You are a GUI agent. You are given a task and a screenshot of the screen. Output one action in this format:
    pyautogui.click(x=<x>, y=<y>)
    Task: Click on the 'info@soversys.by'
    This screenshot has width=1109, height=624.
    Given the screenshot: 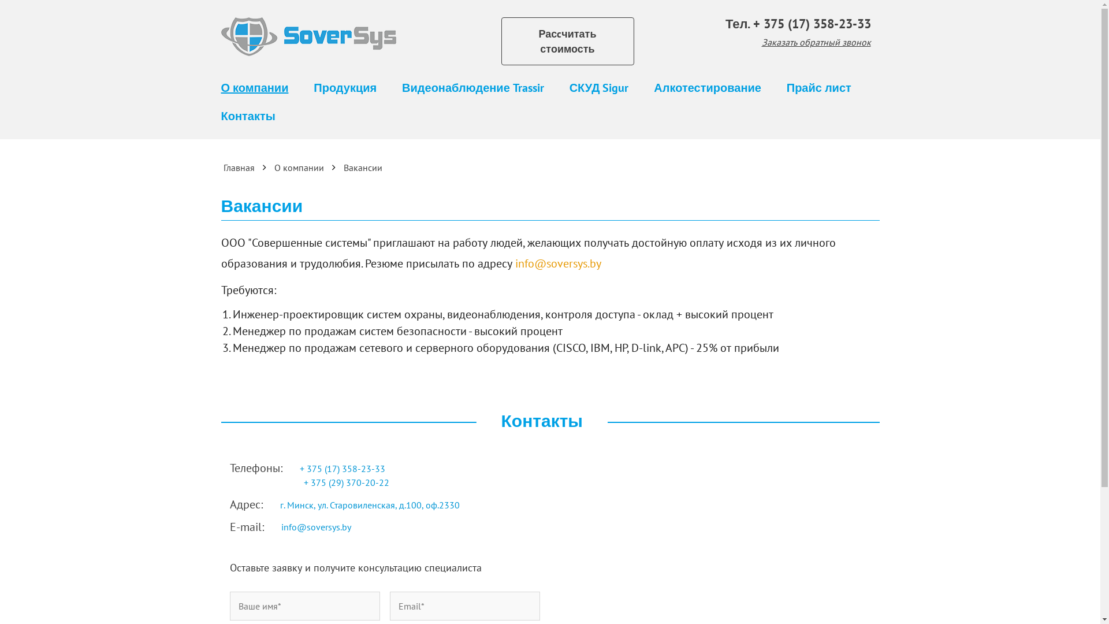 What is the action you would take?
    pyautogui.click(x=558, y=263)
    